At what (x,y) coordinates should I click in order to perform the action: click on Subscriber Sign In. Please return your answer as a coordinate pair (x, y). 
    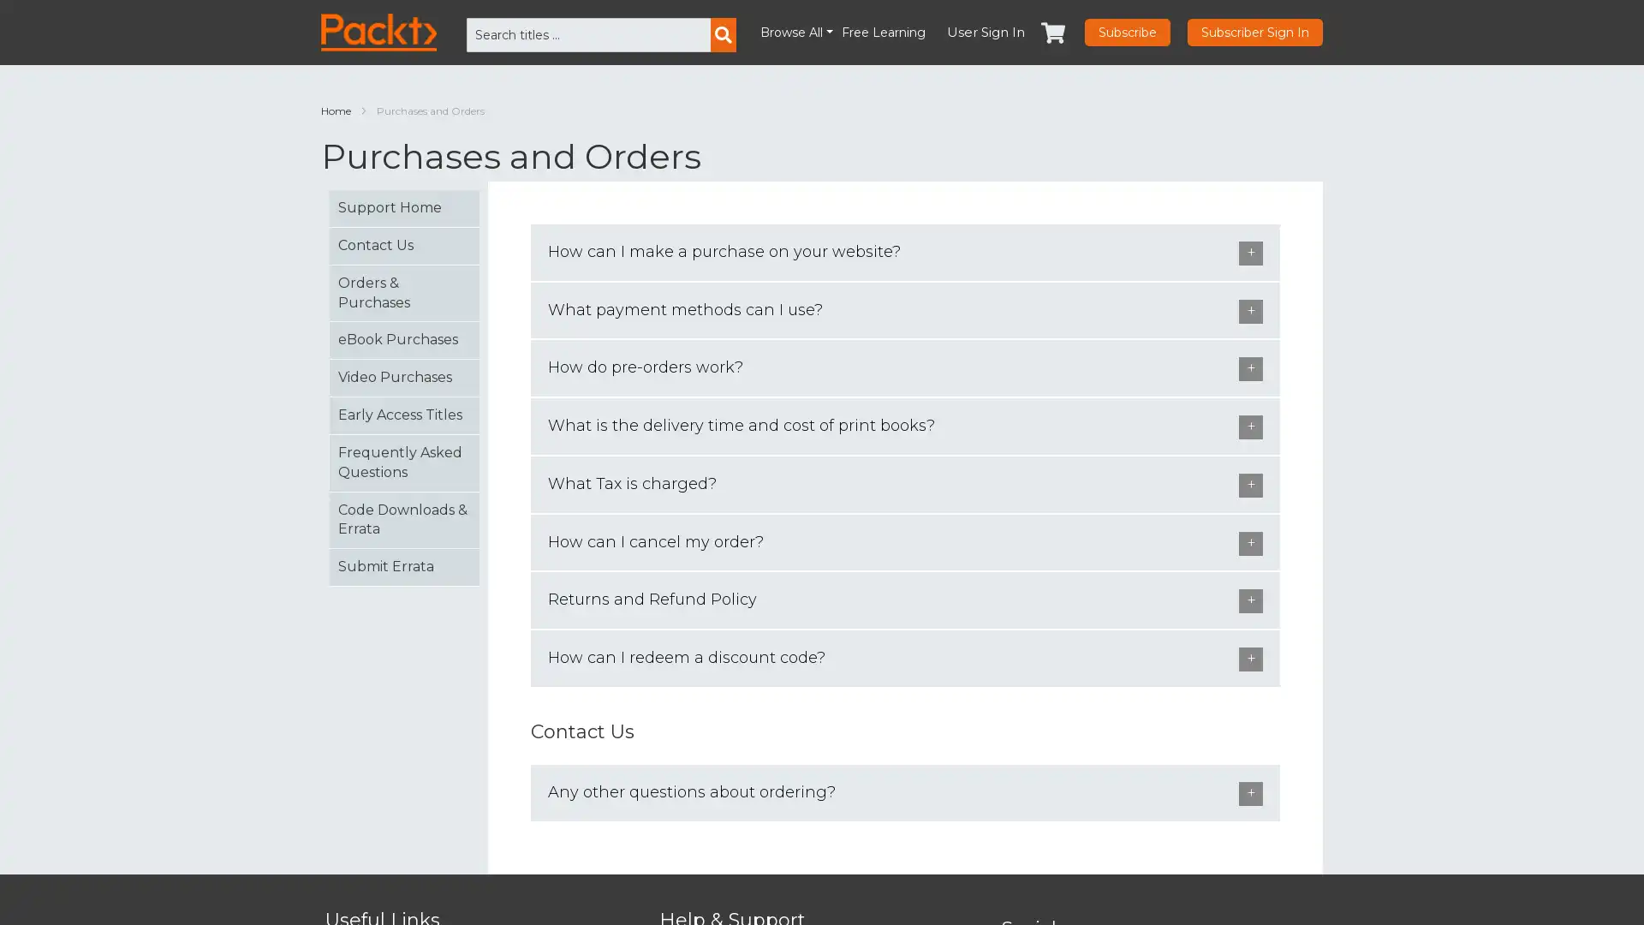
    Looking at the image, I should click on (1254, 33).